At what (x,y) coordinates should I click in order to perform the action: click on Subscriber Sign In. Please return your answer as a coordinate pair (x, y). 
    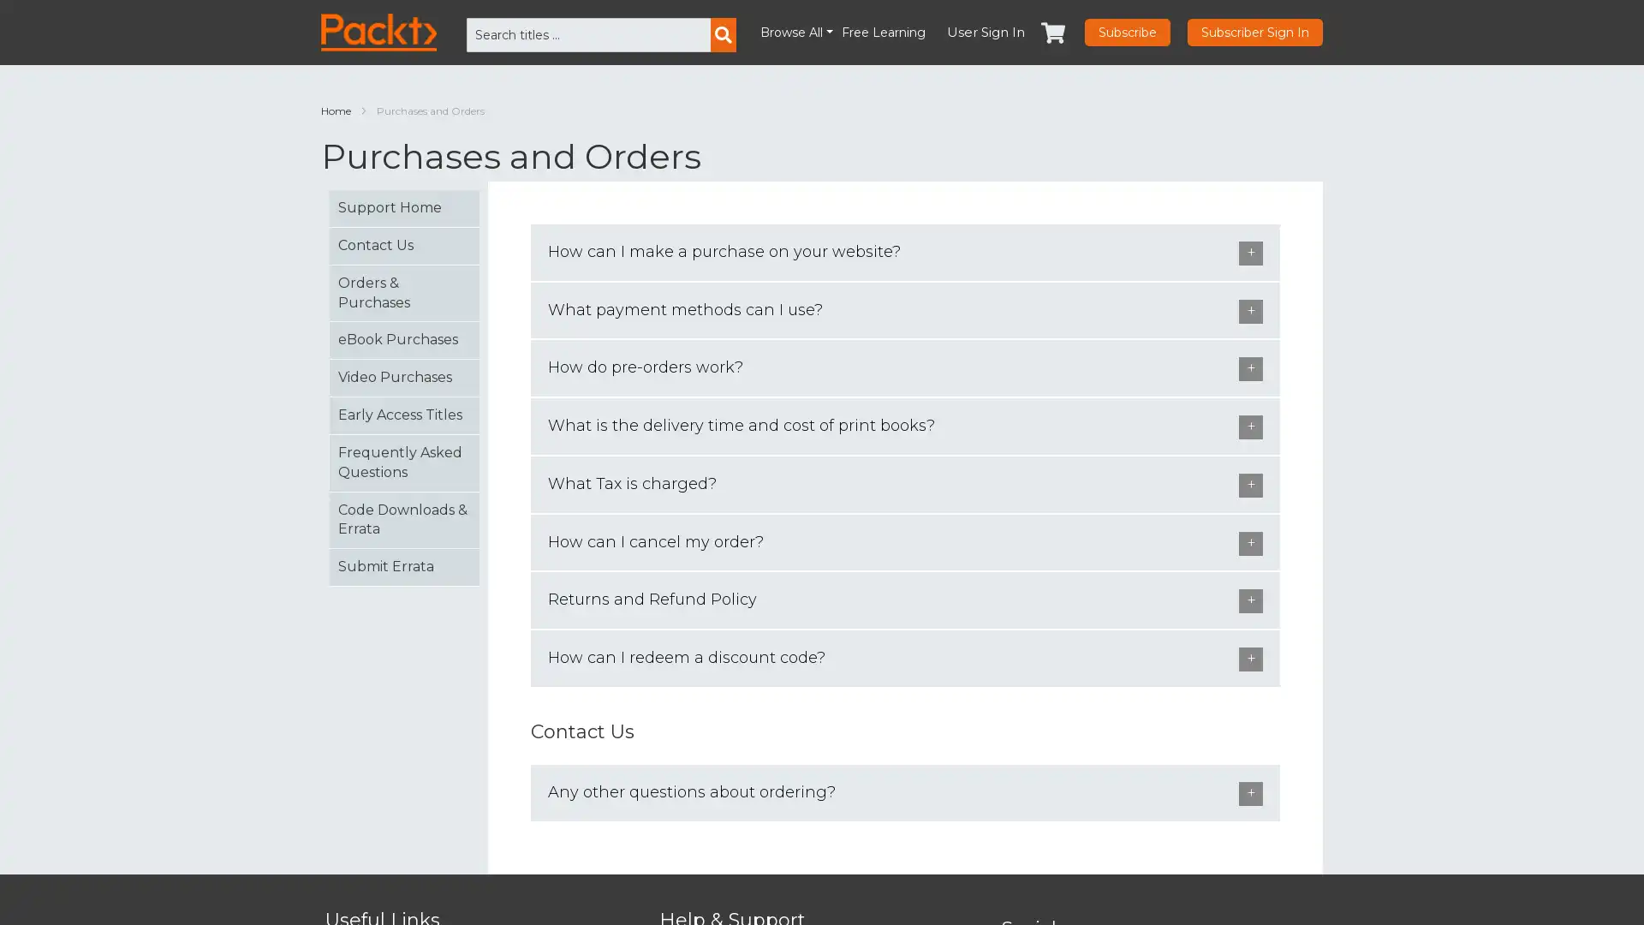
    Looking at the image, I should click on (1254, 33).